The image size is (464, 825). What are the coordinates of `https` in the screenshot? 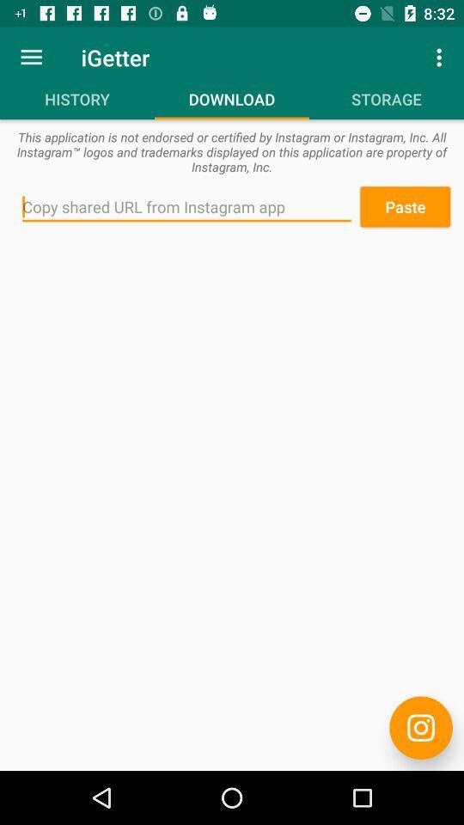 It's located at (420, 727).